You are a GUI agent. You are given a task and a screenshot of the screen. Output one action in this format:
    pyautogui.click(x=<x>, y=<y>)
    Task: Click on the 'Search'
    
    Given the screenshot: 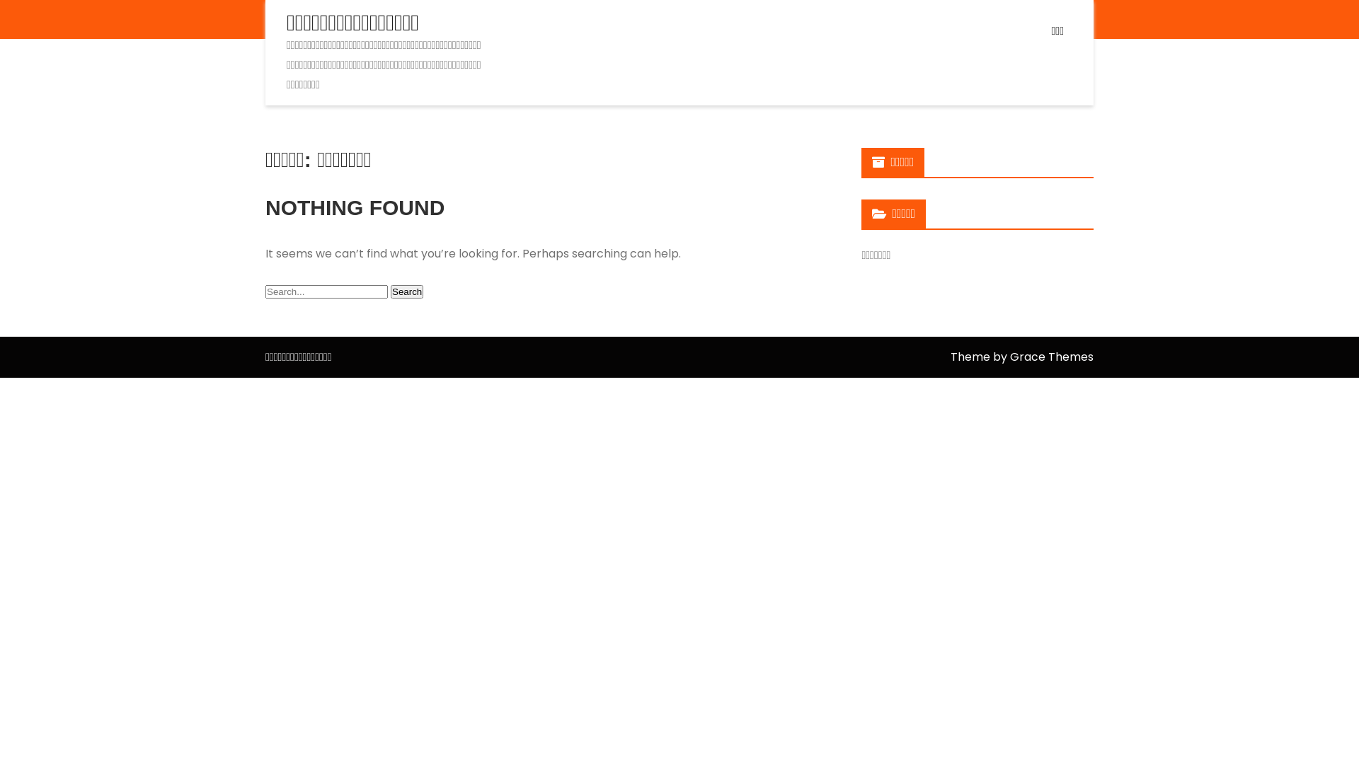 What is the action you would take?
    pyautogui.click(x=406, y=291)
    